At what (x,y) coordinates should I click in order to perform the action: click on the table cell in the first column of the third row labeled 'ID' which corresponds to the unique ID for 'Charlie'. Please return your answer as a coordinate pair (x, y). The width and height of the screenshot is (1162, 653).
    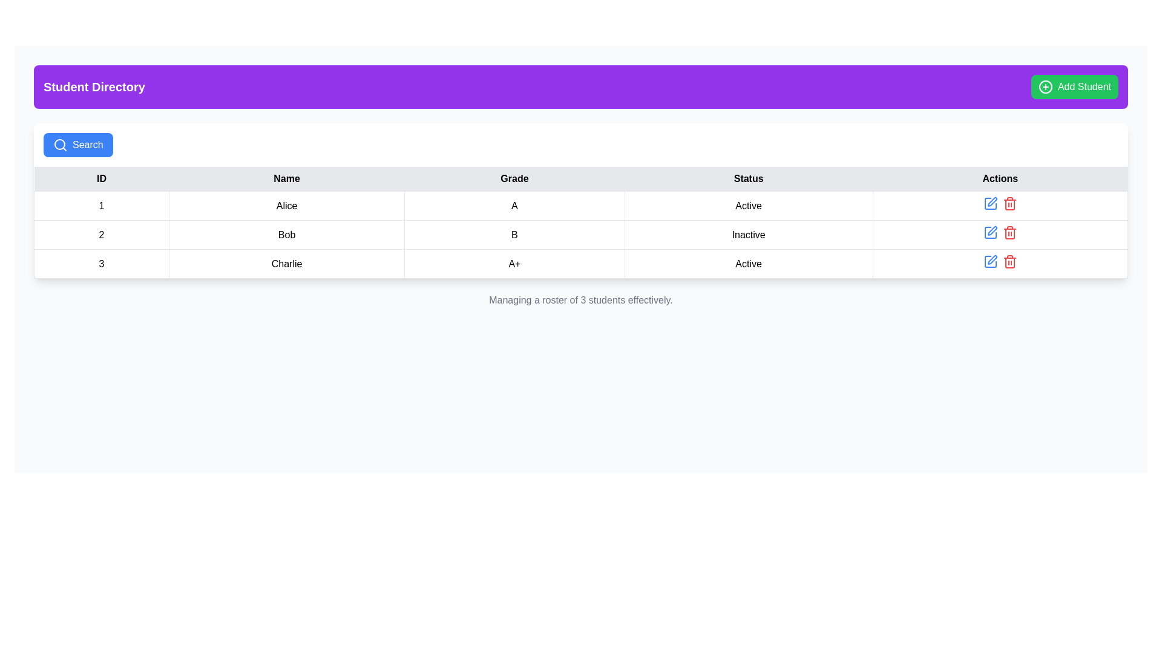
    Looking at the image, I should click on (102, 263).